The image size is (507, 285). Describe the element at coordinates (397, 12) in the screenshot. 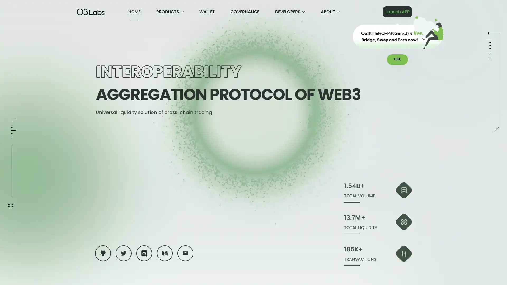

I see `Launch APP` at that location.